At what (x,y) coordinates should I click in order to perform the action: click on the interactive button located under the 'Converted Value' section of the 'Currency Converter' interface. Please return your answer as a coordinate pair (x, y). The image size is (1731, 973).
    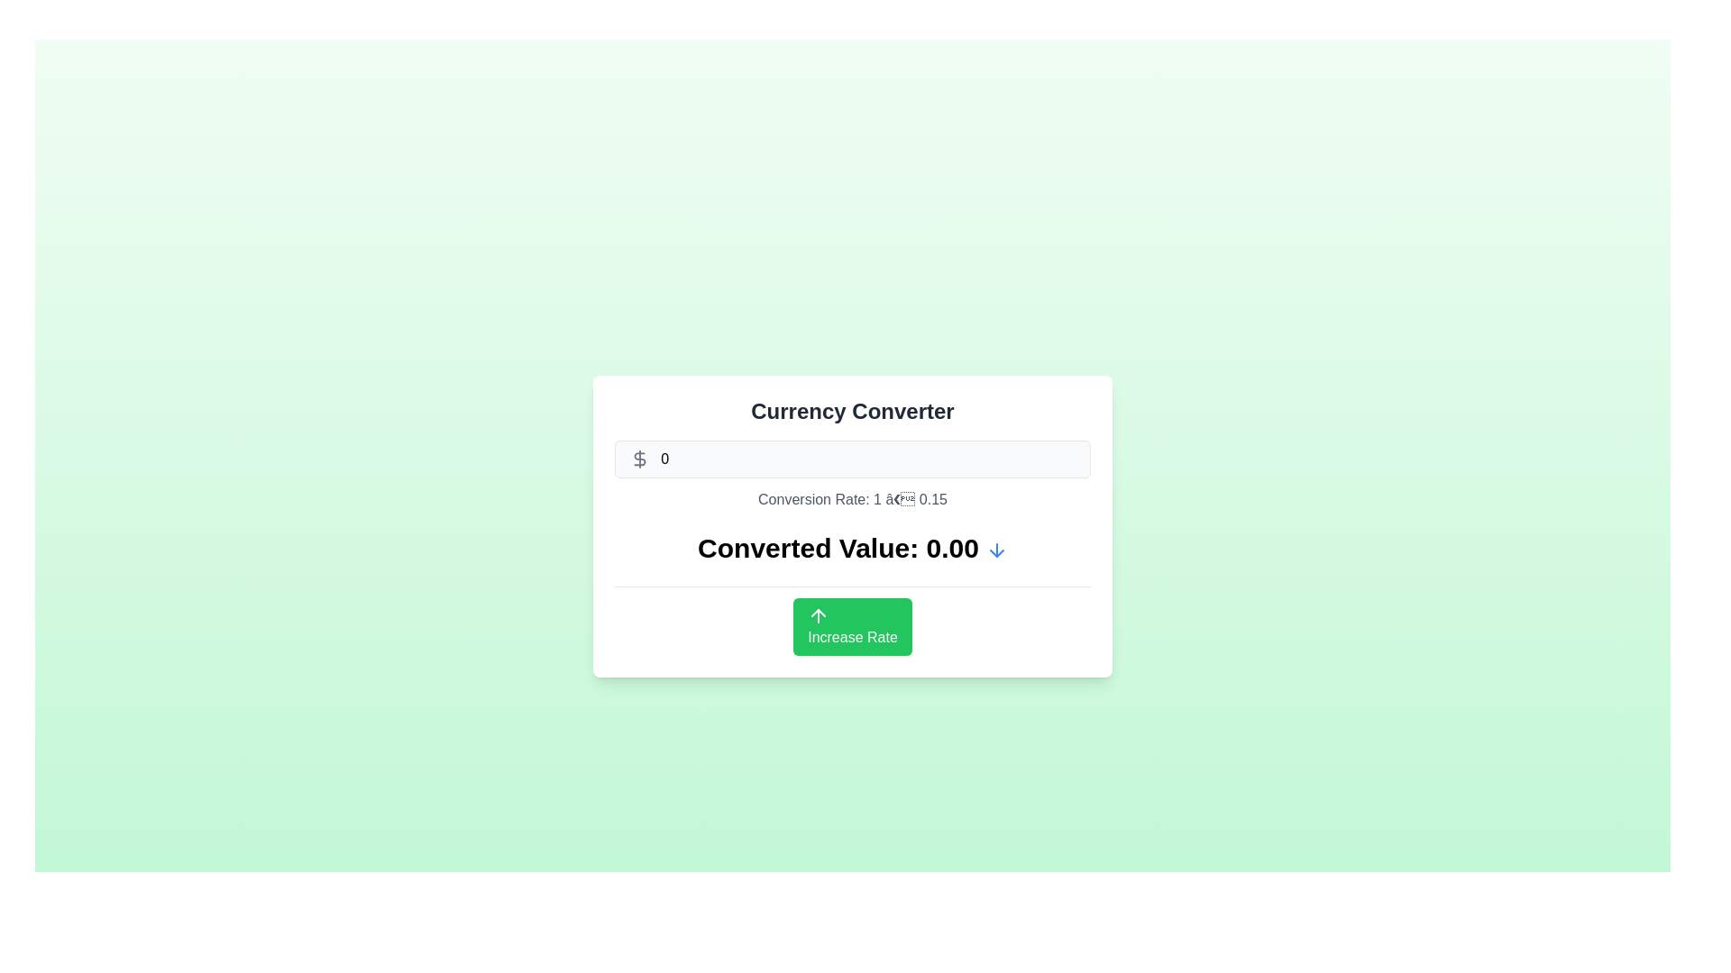
    Looking at the image, I should click on (851, 625).